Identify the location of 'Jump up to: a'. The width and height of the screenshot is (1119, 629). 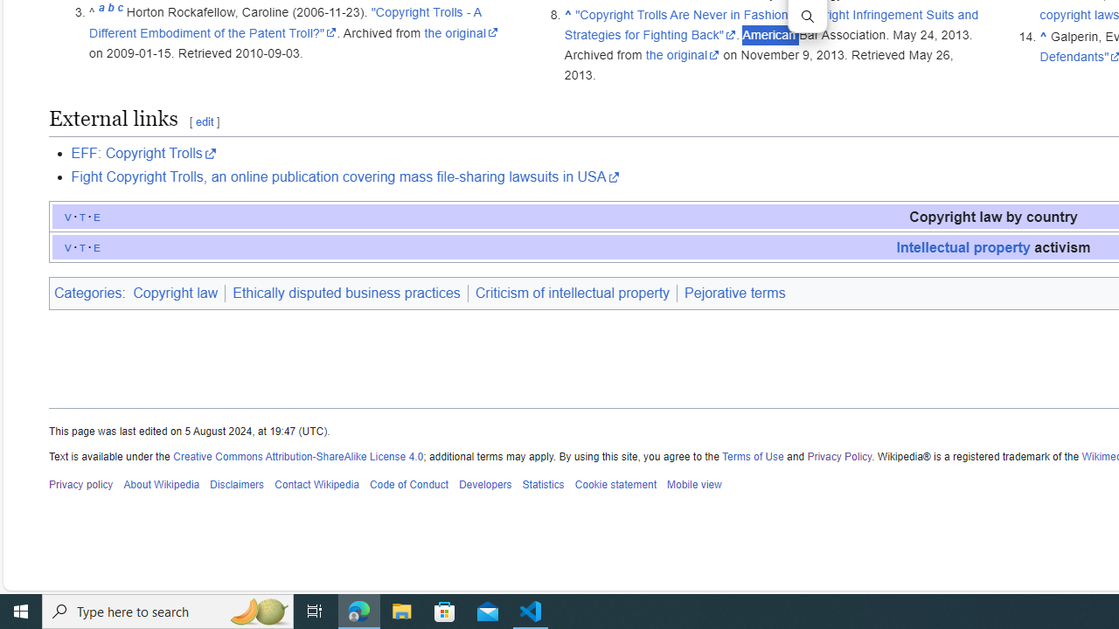
(101, 12).